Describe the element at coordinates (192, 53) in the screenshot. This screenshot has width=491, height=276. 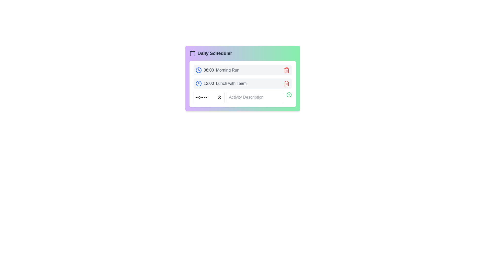
I see `the schedule icon located at the top-left corner of the 'Daily Scheduler' header to ensure accessibility` at that location.